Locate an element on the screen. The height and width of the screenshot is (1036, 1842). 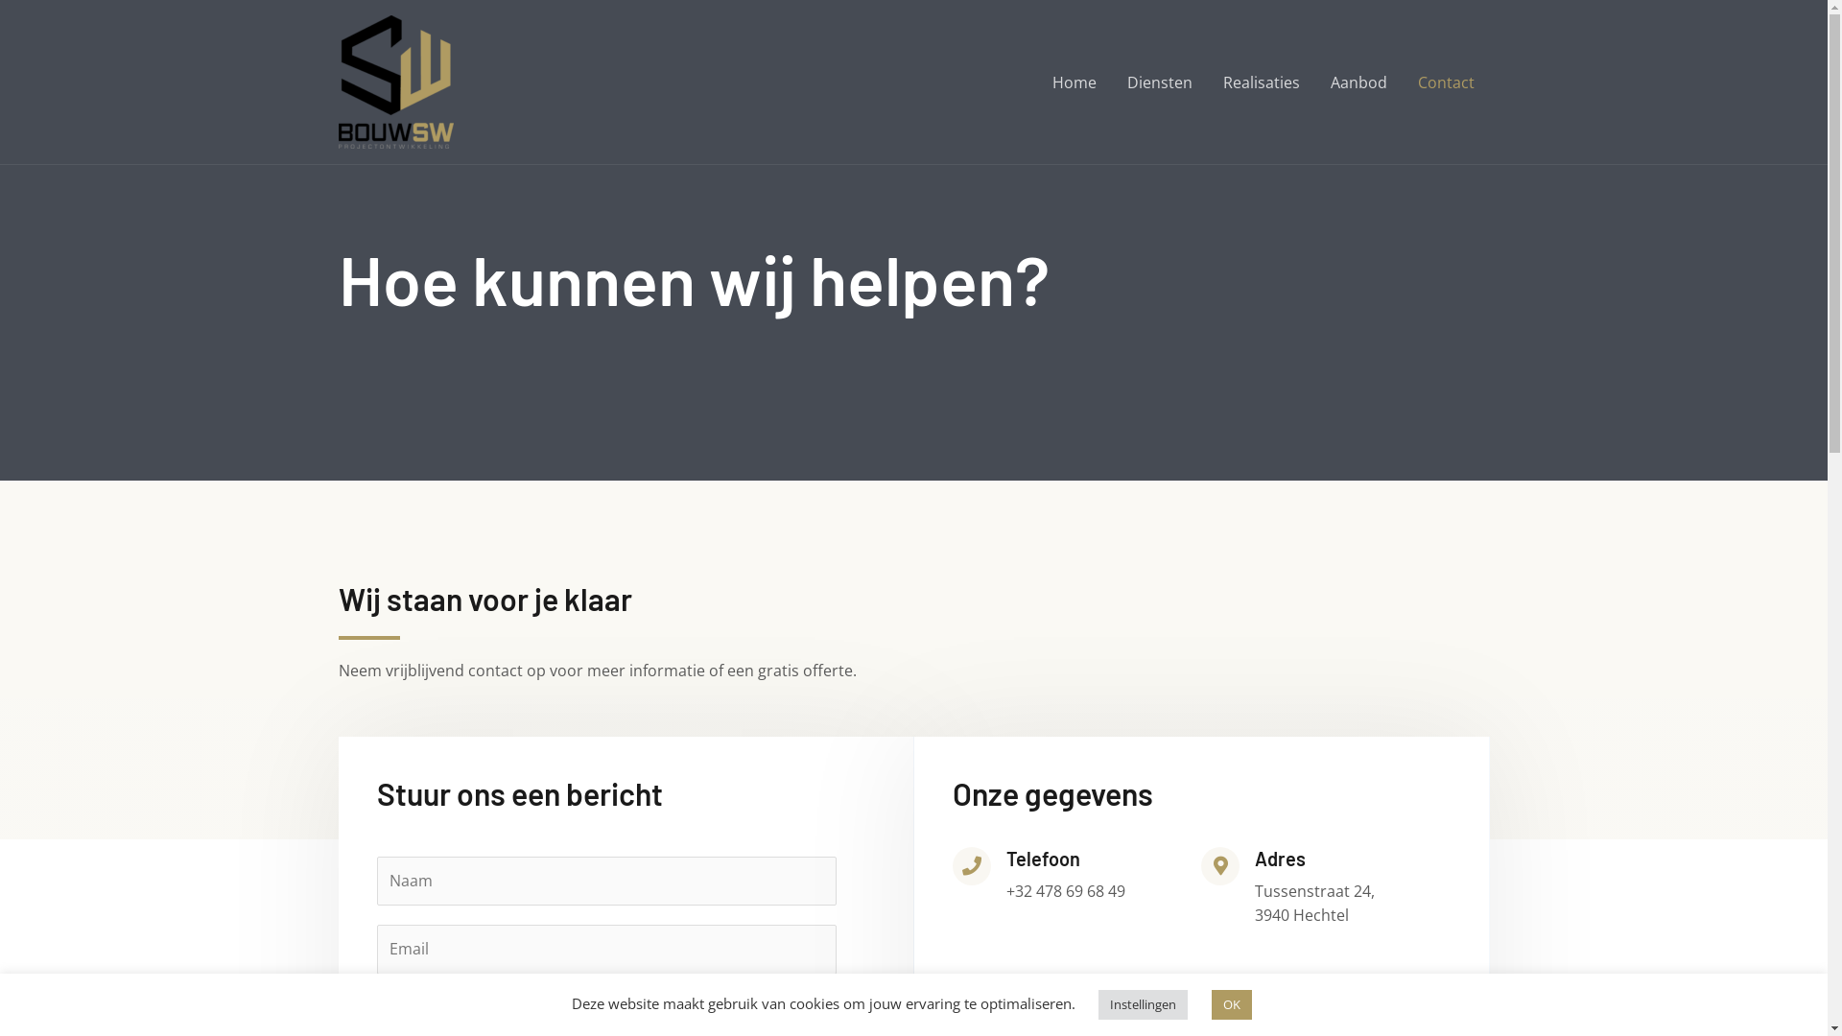
'Instellingen' is located at coordinates (1142, 1003).